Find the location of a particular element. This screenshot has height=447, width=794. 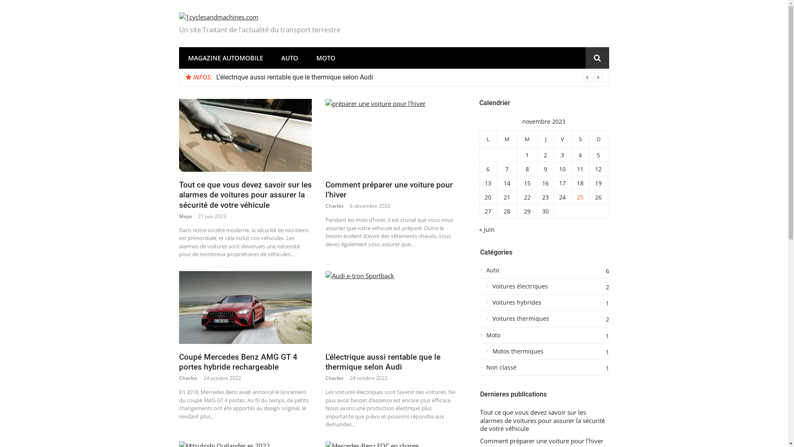

'Maya' is located at coordinates (184, 216).